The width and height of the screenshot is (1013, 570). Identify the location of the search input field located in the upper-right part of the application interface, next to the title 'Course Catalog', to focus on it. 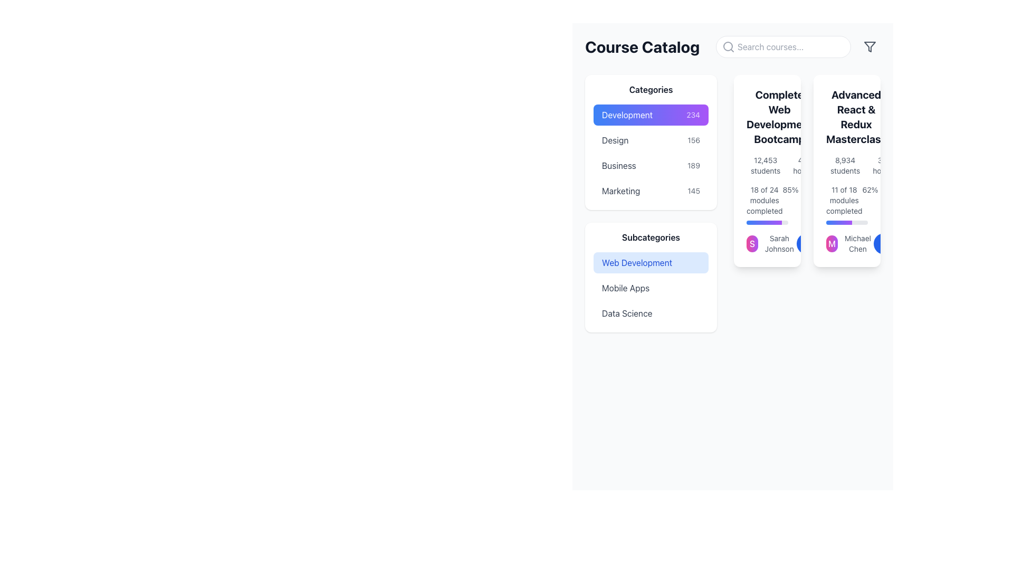
(732, 46).